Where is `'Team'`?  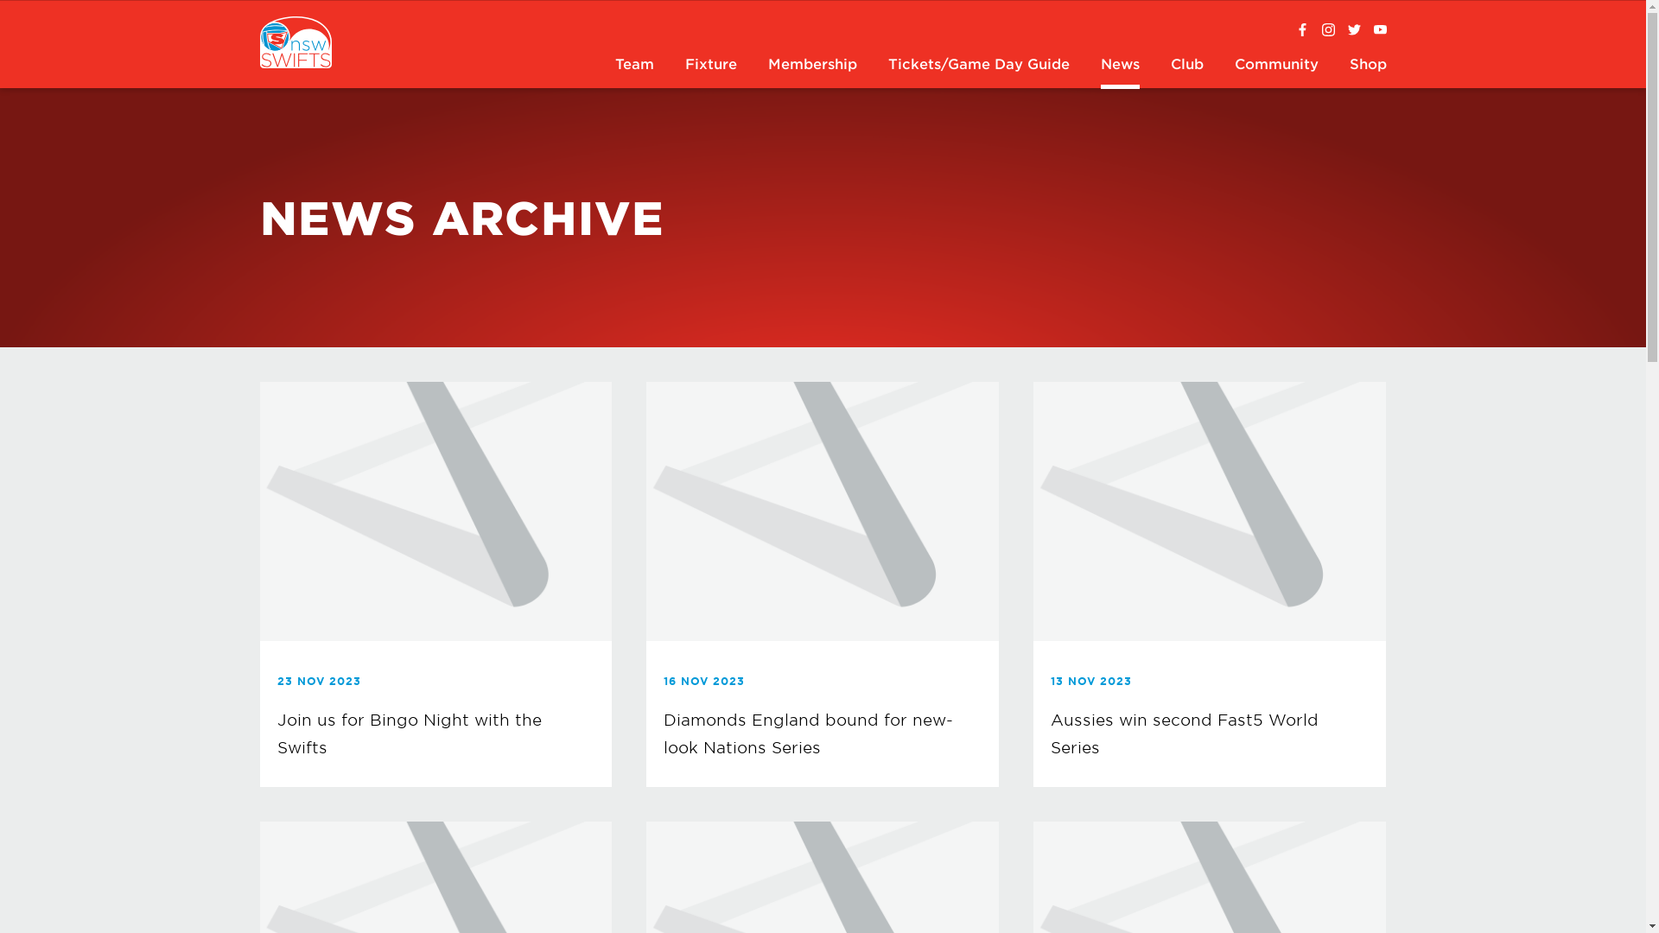
'Team' is located at coordinates (632, 65).